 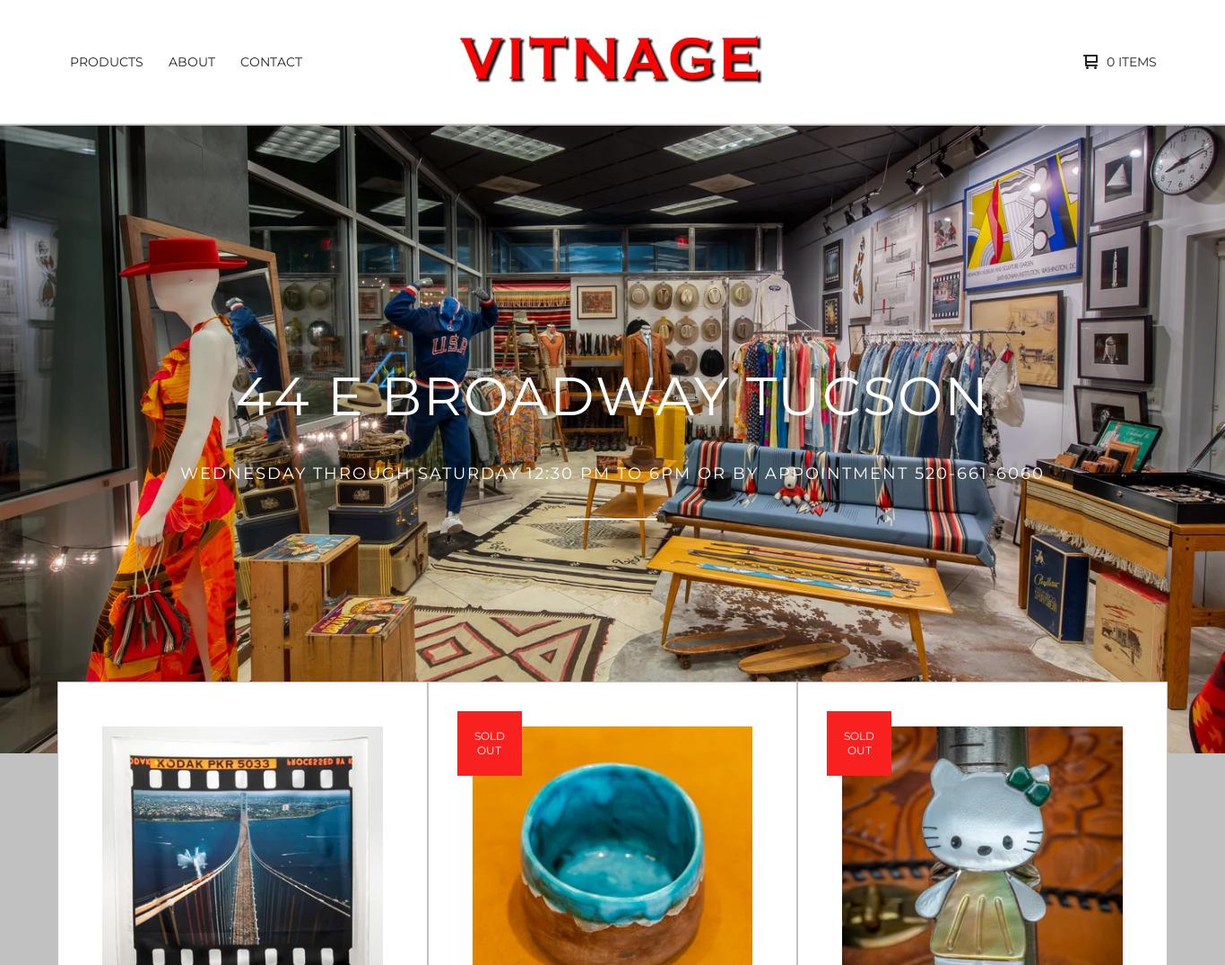 I want to click on 'Vintage Outerwear', so click(x=144, y=469).